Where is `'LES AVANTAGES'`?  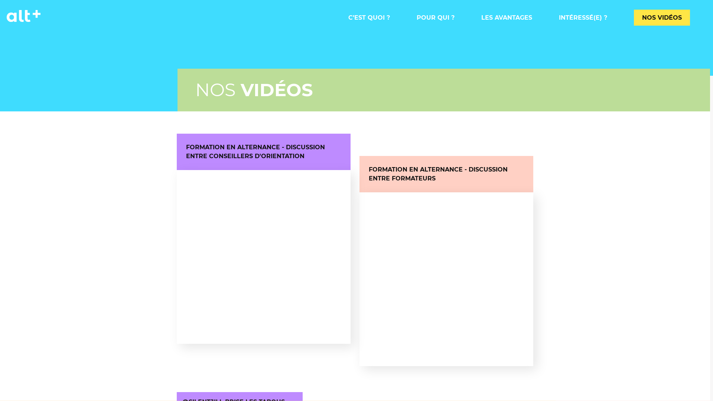
'LES AVANTAGES' is located at coordinates (481, 17).